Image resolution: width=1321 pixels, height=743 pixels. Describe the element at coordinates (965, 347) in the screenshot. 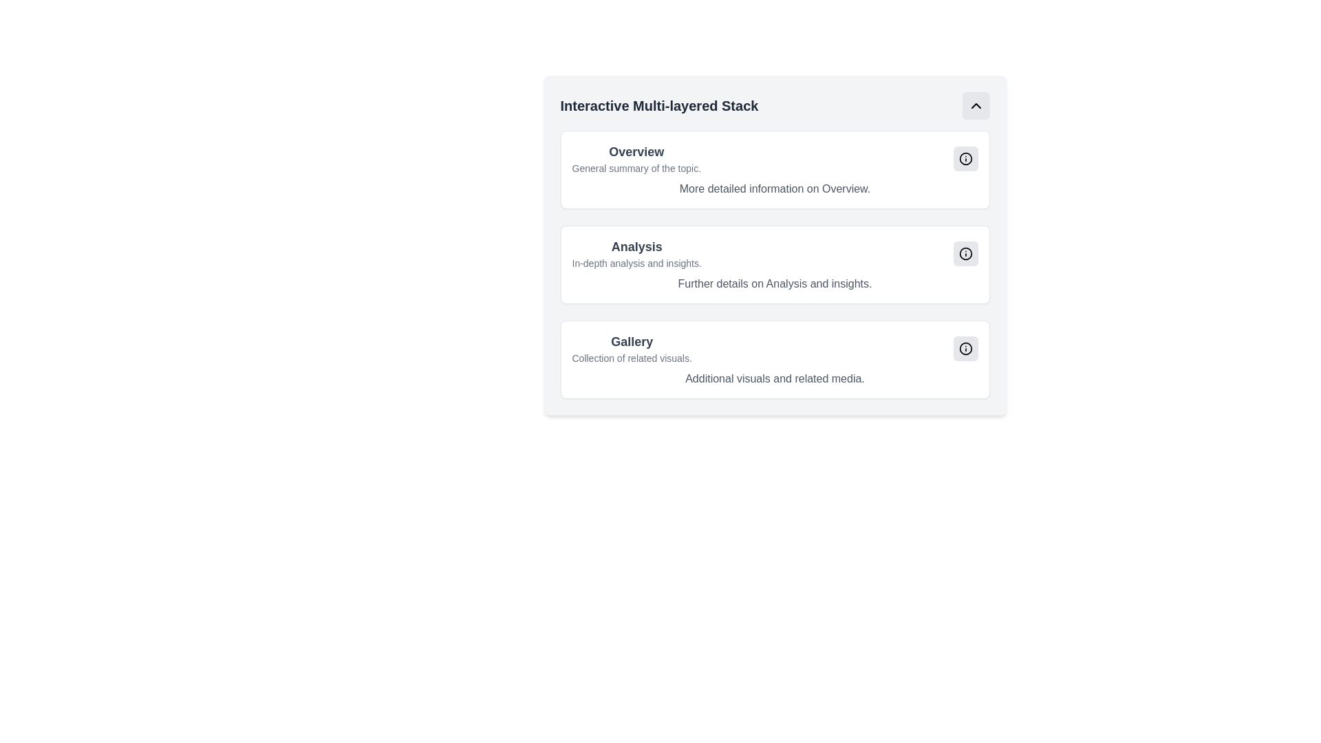

I see `the icon located at the bottom right corner of the 'Gallery' section, which provides additional information when interacted with` at that location.